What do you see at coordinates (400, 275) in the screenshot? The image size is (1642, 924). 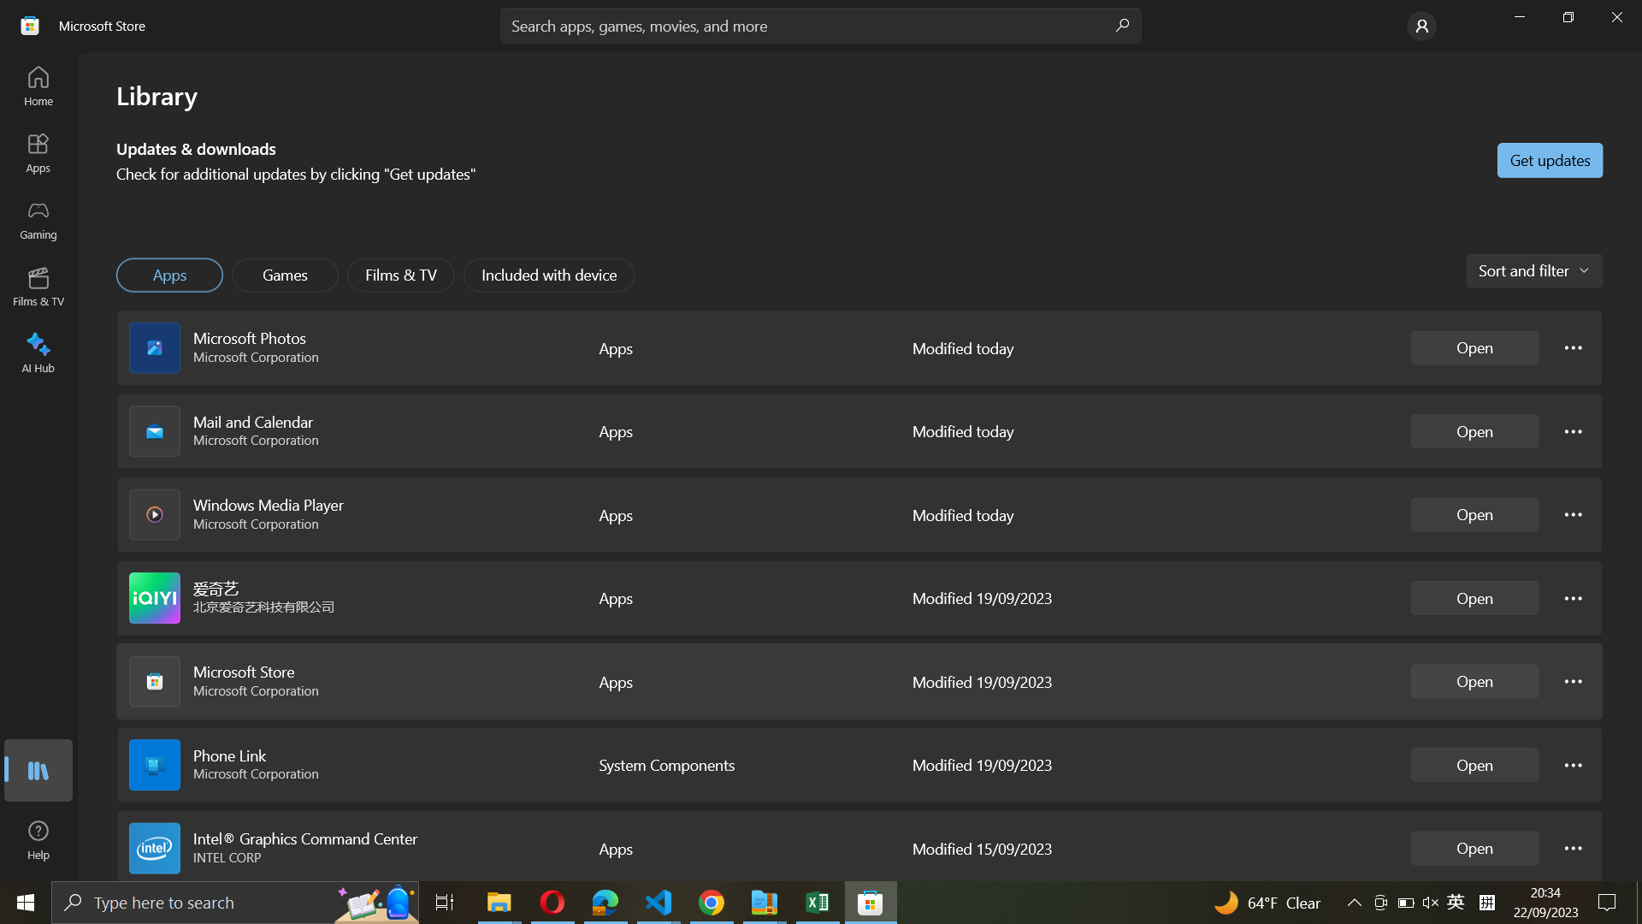 I see `Films & TV program` at bounding box center [400, 275].